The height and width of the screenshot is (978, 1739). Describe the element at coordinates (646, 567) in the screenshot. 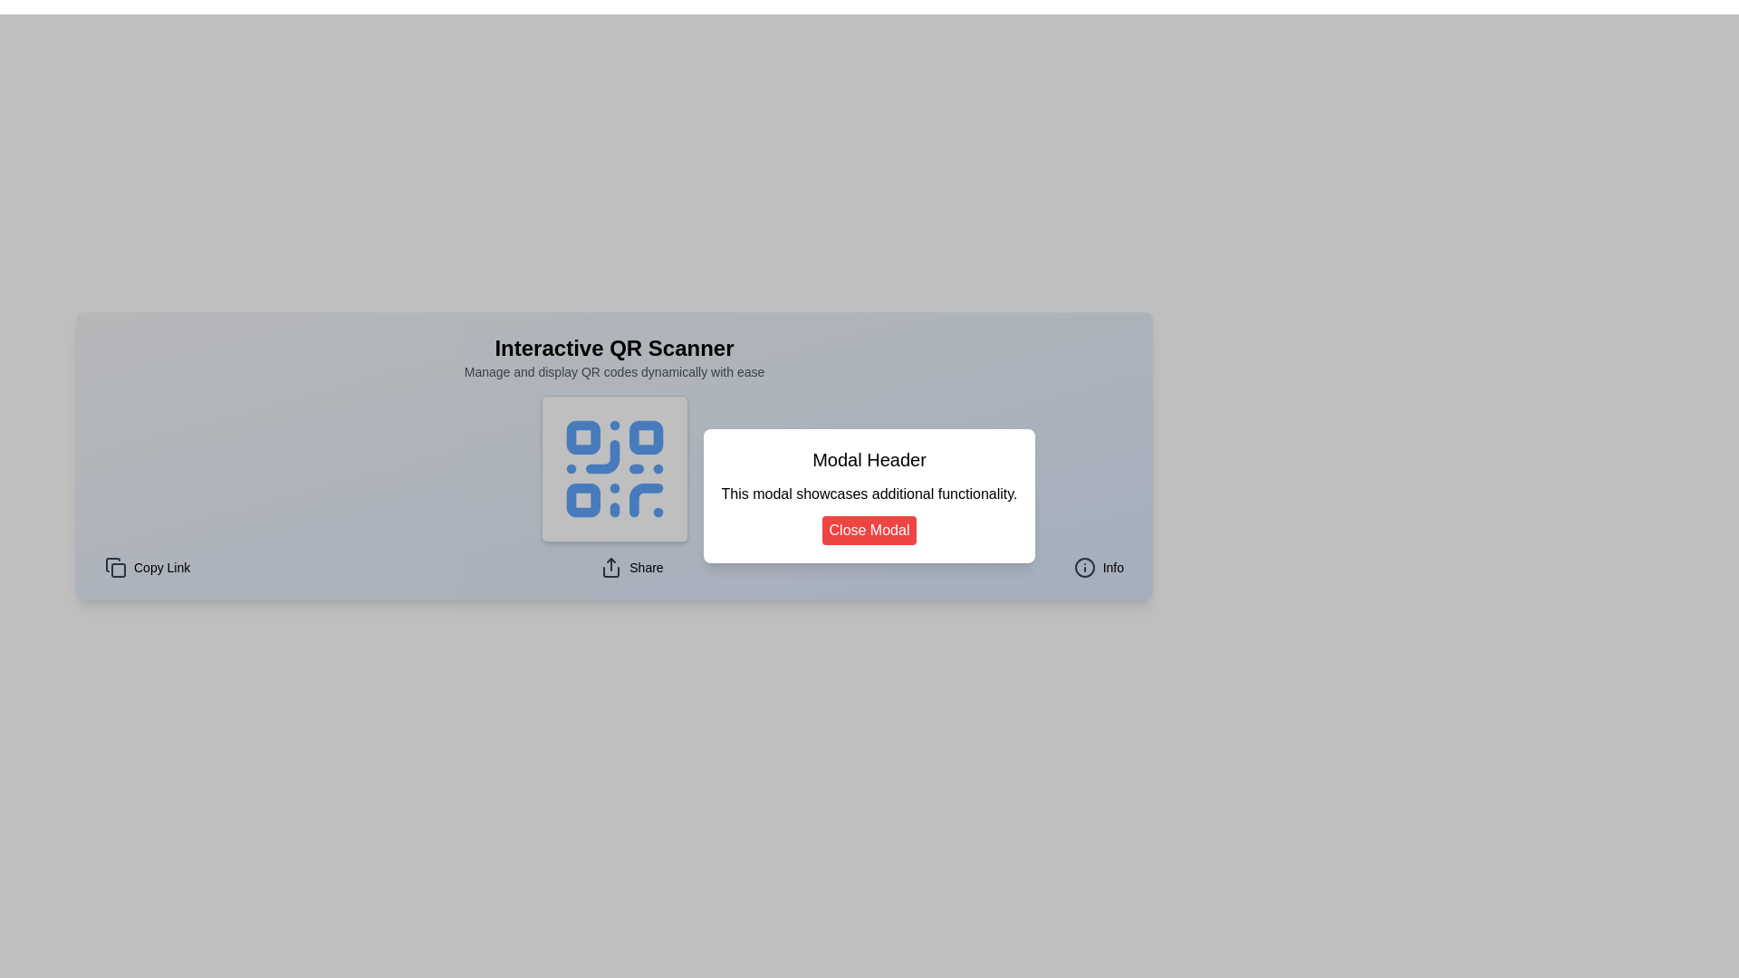

I see `the text label located at the bottom-left corner of the modal, which provides information about the share action icon next to it` at that location.